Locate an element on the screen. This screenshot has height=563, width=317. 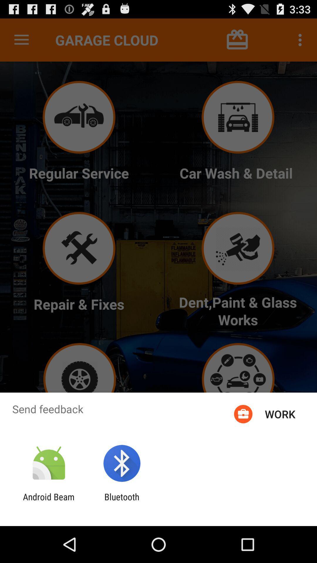
the bluetooth item is located at coordinates (122, 502).